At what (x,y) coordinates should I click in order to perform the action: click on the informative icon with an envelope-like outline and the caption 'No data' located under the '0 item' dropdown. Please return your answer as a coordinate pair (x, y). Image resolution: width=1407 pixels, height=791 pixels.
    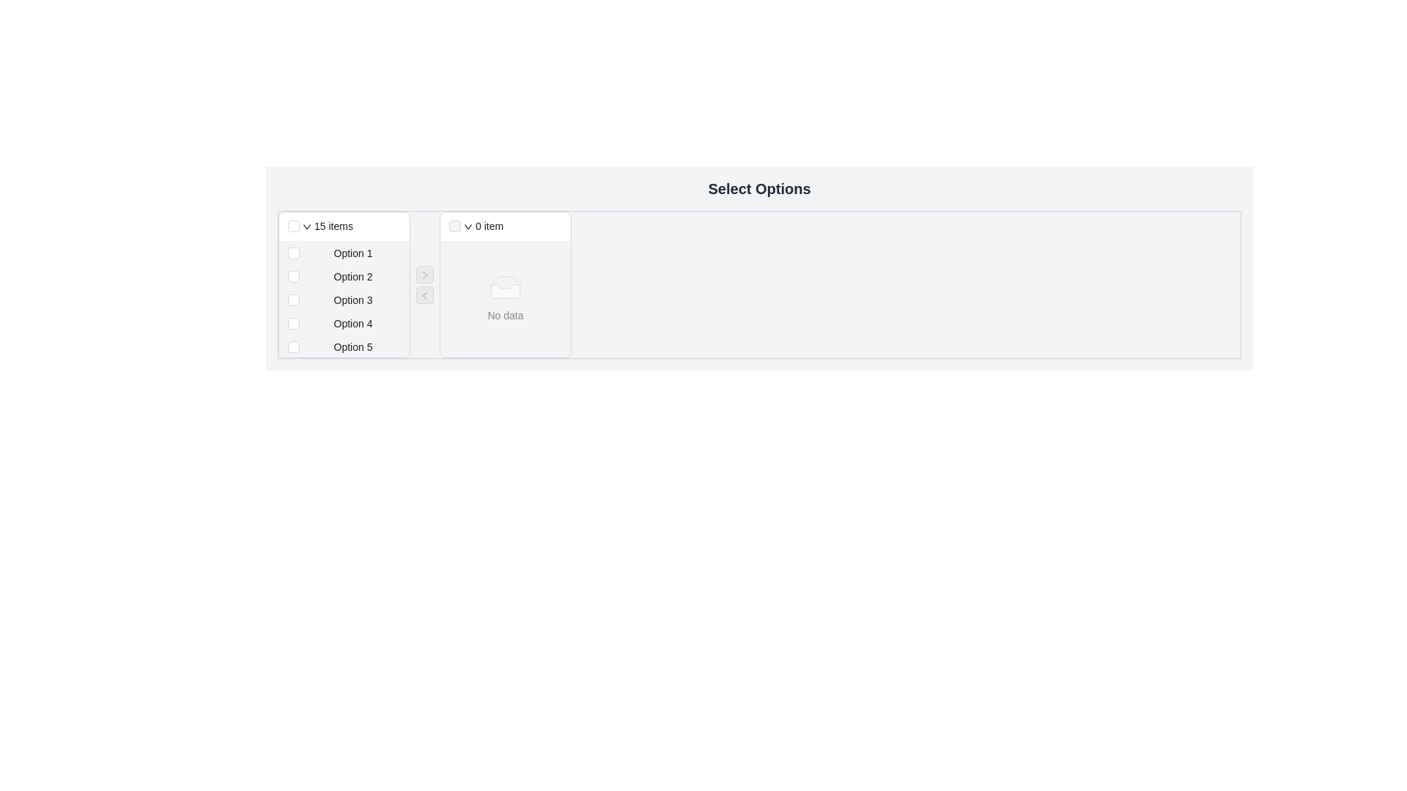
    Looking at the image, I should click on (506, 288).